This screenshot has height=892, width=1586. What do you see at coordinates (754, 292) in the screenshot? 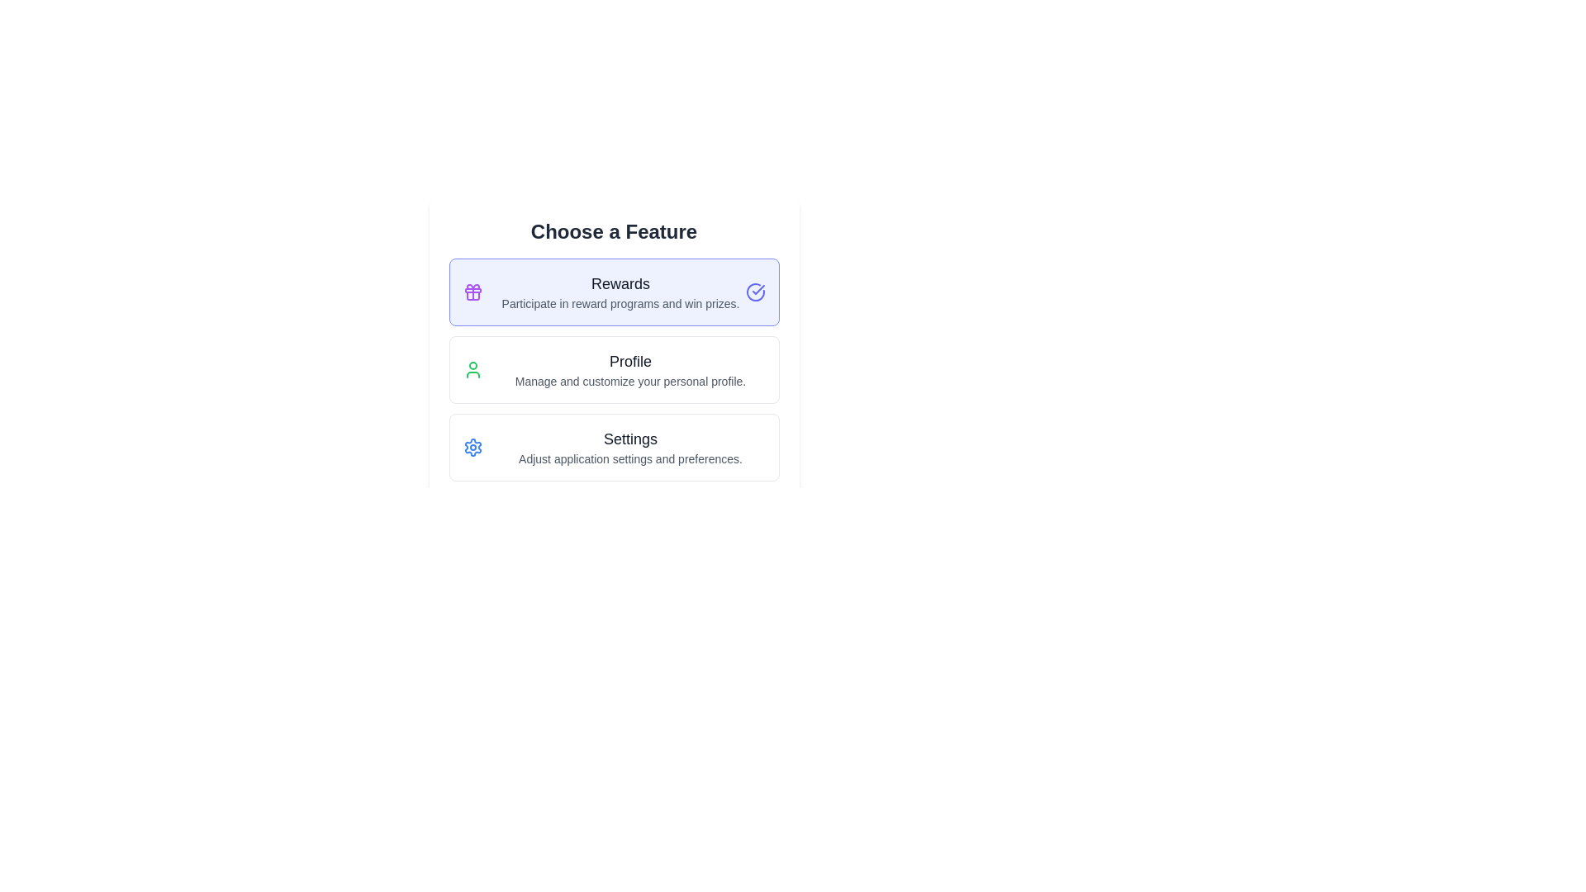
I see `the checkmark icon contained in the upper-right corner of the 'Rewards' card to indicate a finished or confirmed status` at bounding box center [754, 292].